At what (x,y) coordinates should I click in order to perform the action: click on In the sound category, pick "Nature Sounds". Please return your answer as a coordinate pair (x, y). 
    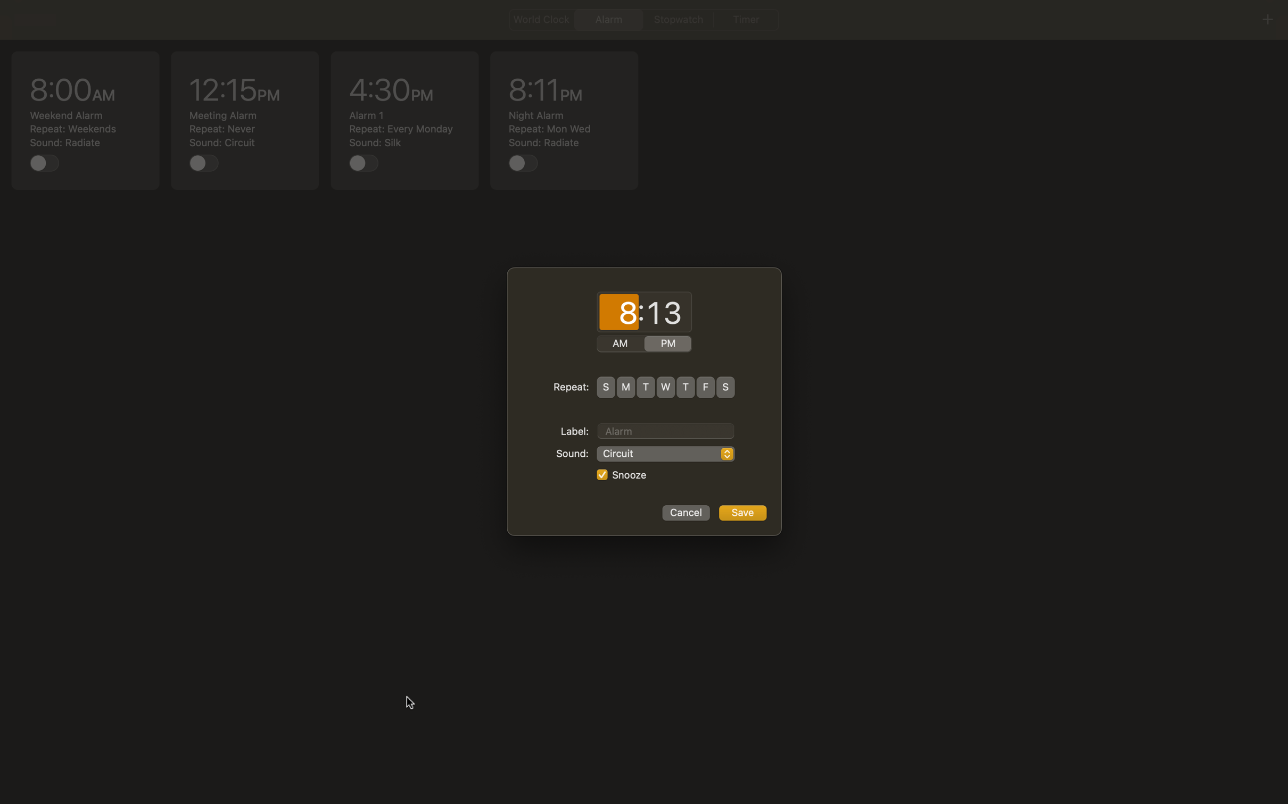
    Looking at the image, I should click on (665, 454).